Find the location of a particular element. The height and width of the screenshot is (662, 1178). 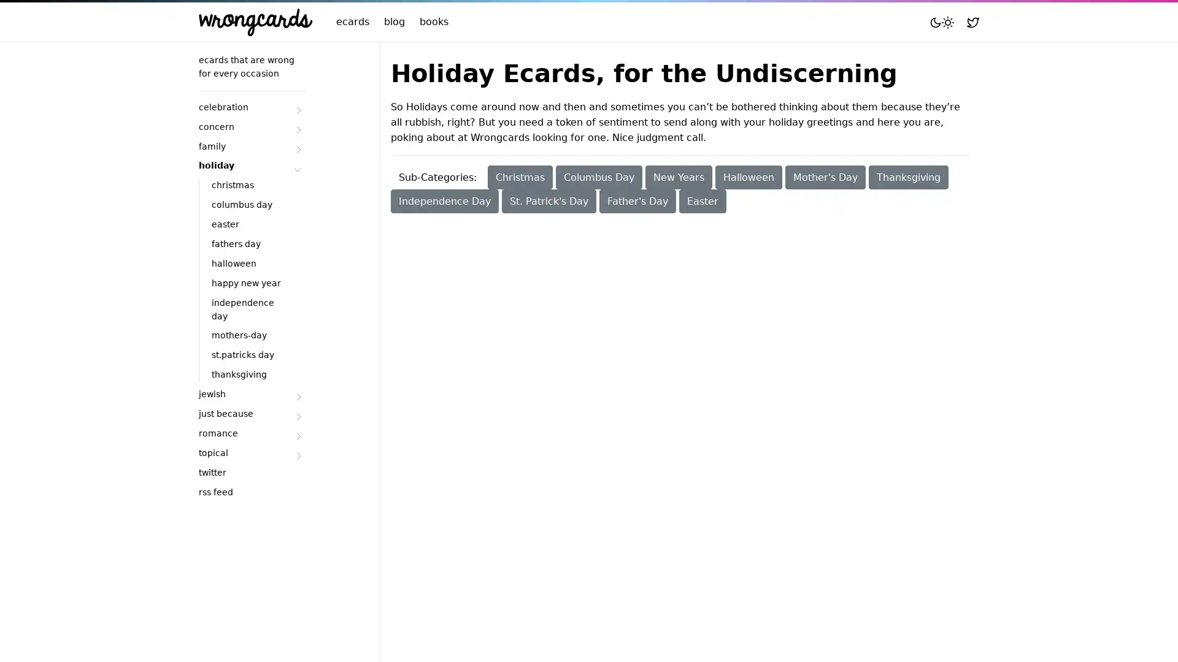

Submenu is located at coordinates (297, 435).